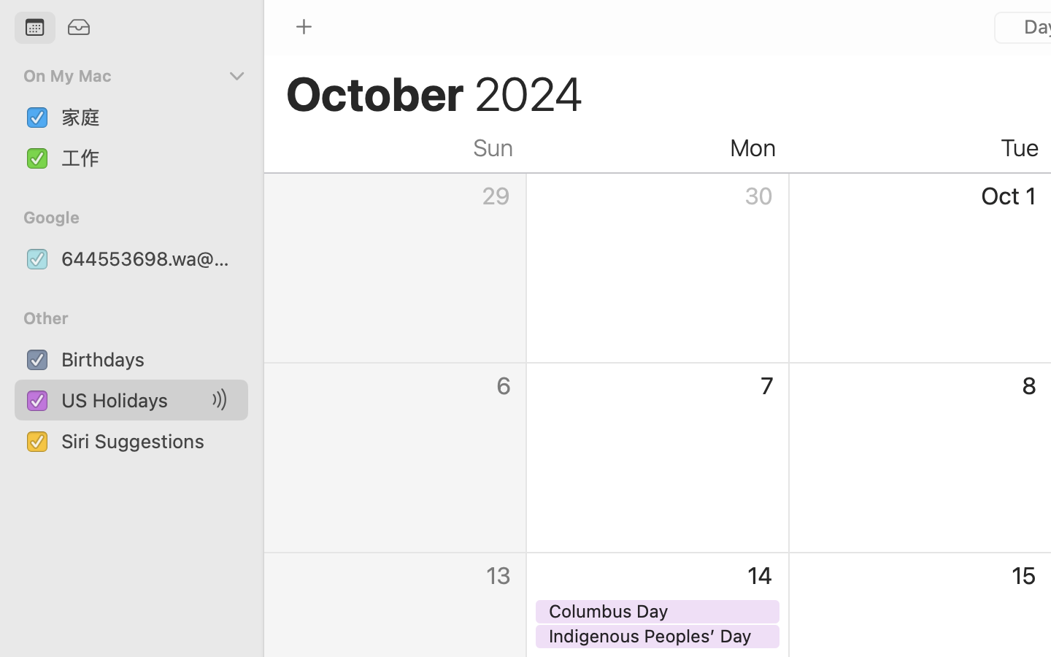 The height and width of the screenshot is (657, 1051). What do you see at coordinates (149, 440) in the screenshot?
I see `'Siri Suggestions'` at bounding box center [149, 440].